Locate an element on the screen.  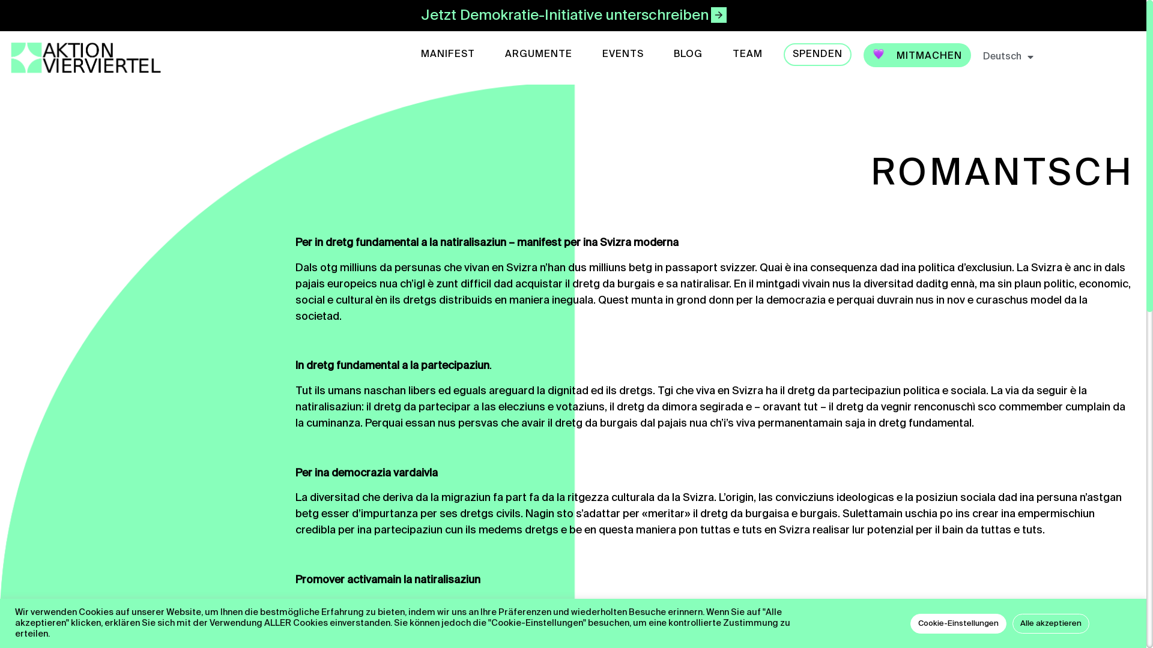
'MANIFEST' is located at coordinates (447, 55).